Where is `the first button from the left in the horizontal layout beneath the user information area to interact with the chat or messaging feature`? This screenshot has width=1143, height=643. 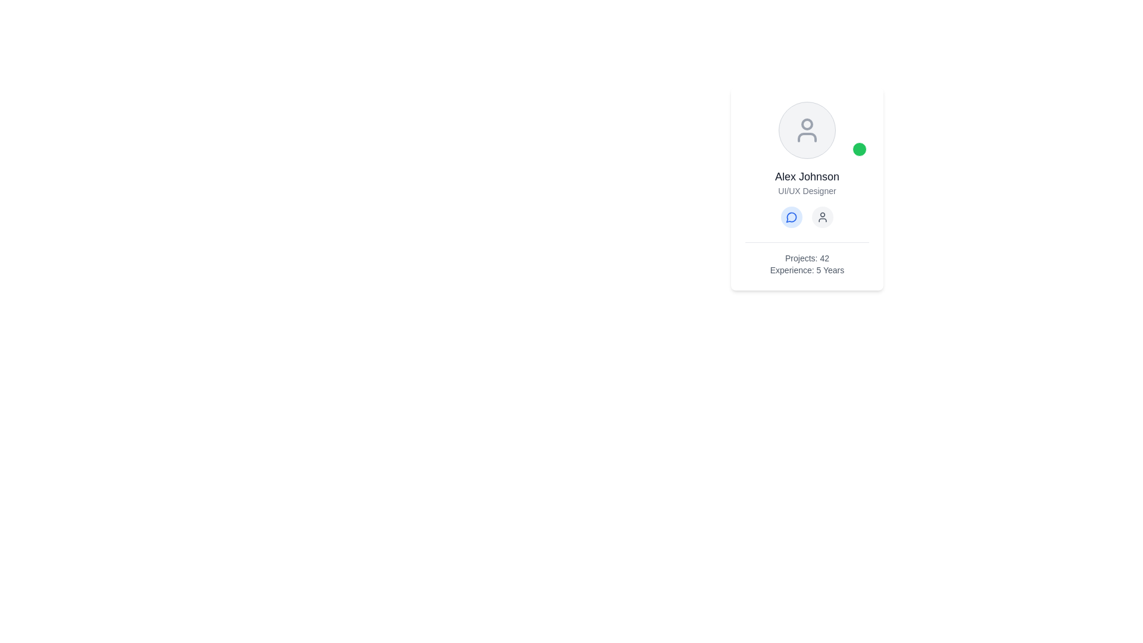
the first button from the left in the horizontal layout beneath the user information area to interact with the chat or messaging feature is located at coordinates (791, 217).